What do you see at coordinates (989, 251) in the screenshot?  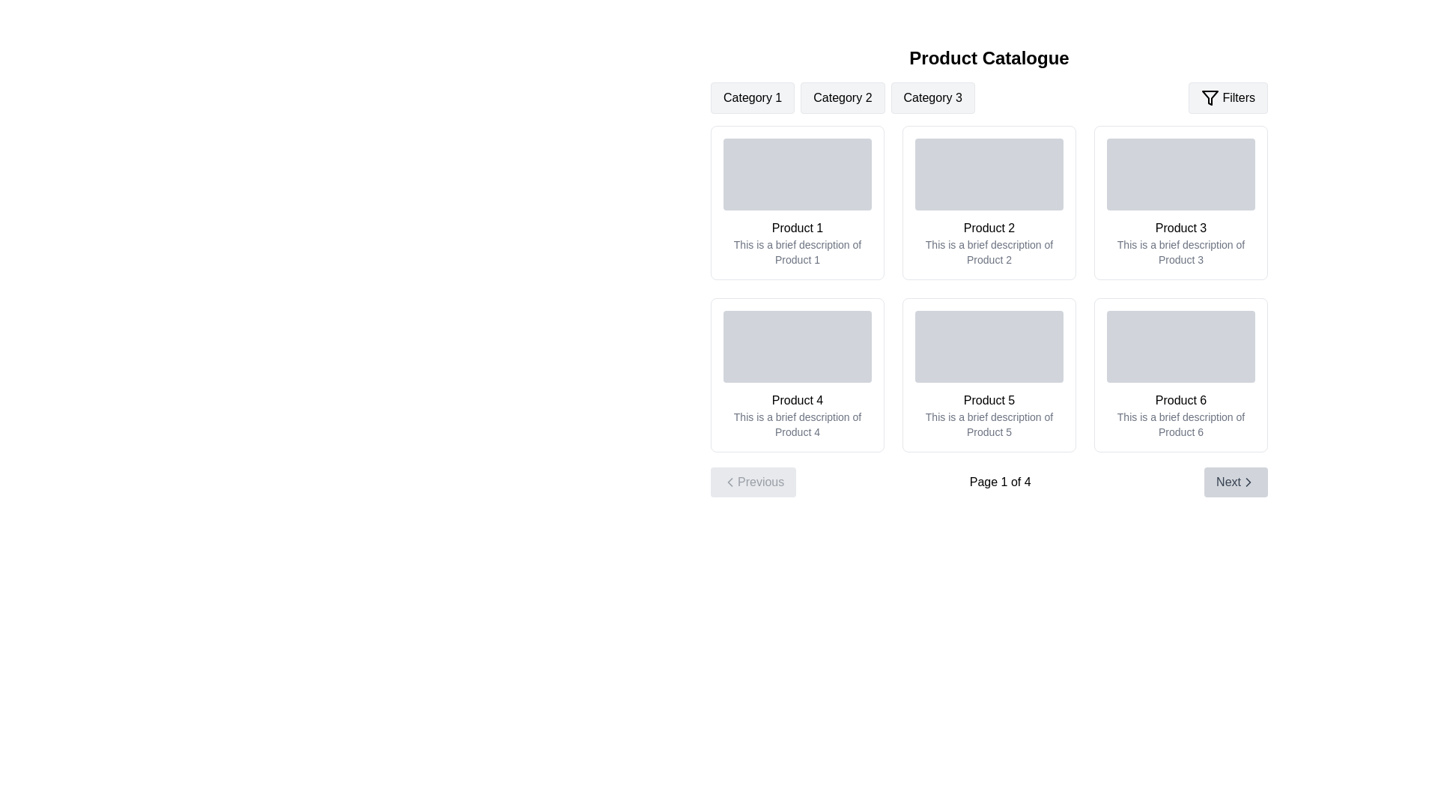 I see `the descriptive text element for 'Product 2', which is located below the product name text within the product card` at bounding box center [989, 251].